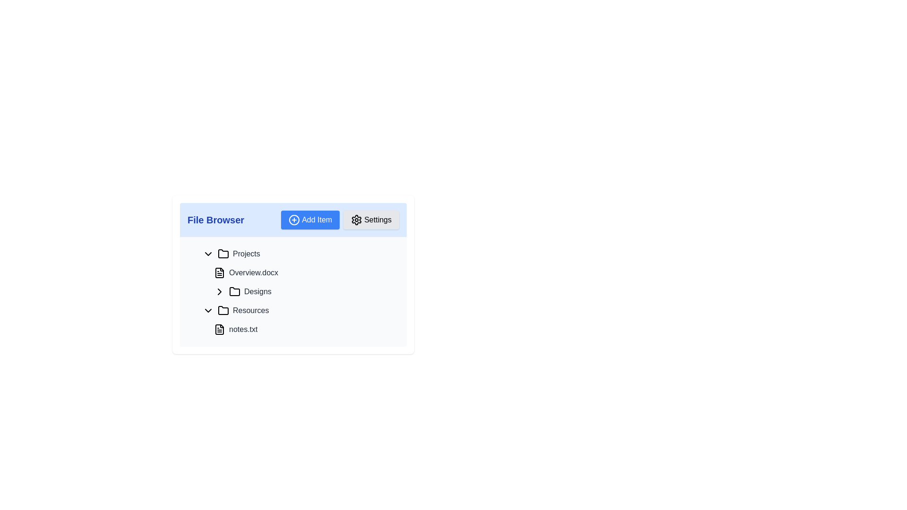 This screenshot has width=907, height=510. Describe the element at coordinates (299, 320) in the screenshot. I see `the list item representing the file named 'notes.txt', which is the second item under the expanded Resource folder in the hierarchical file browser` at that location.